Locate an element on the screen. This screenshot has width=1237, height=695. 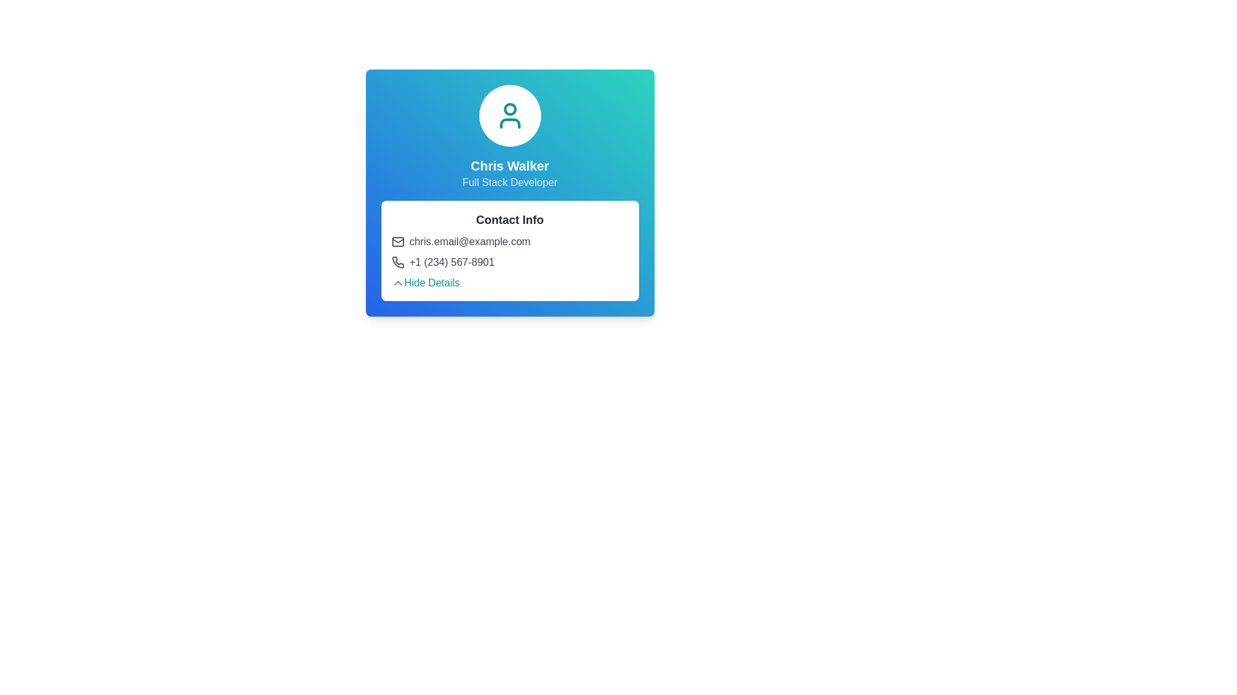
the lower semicircular arc of the user profile icon, which outlines the body shape in the SVG component, located near the top center of the blue gradient background card is located at coordinates (509, 124).